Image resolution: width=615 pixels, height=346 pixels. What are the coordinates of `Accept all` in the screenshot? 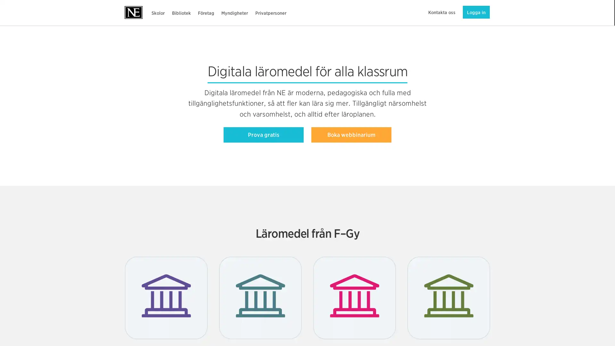 It's located at (464, 305).